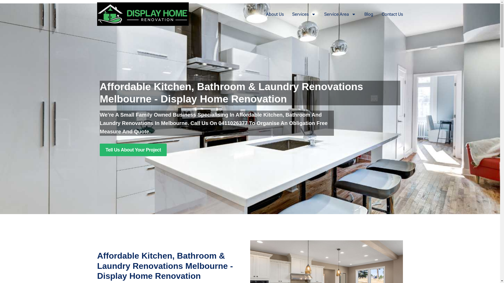 The width and height of the screenshot is (504, 283). What do you see at coordinates (392, 14) in the screenshot?
I see `'Contact Us'` at bounding box center [392, 14].